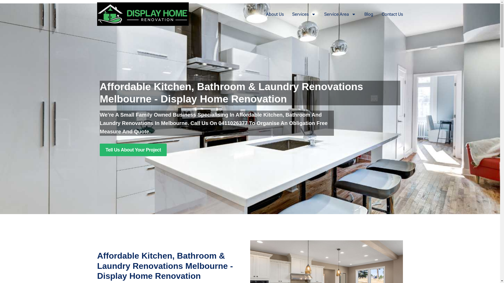 The width and height of the screenshot is (504, 283). What do you see at coordinates (392, 14) in the screenshot?
I see `'Contact Us'` at bounding box center [392, 14].